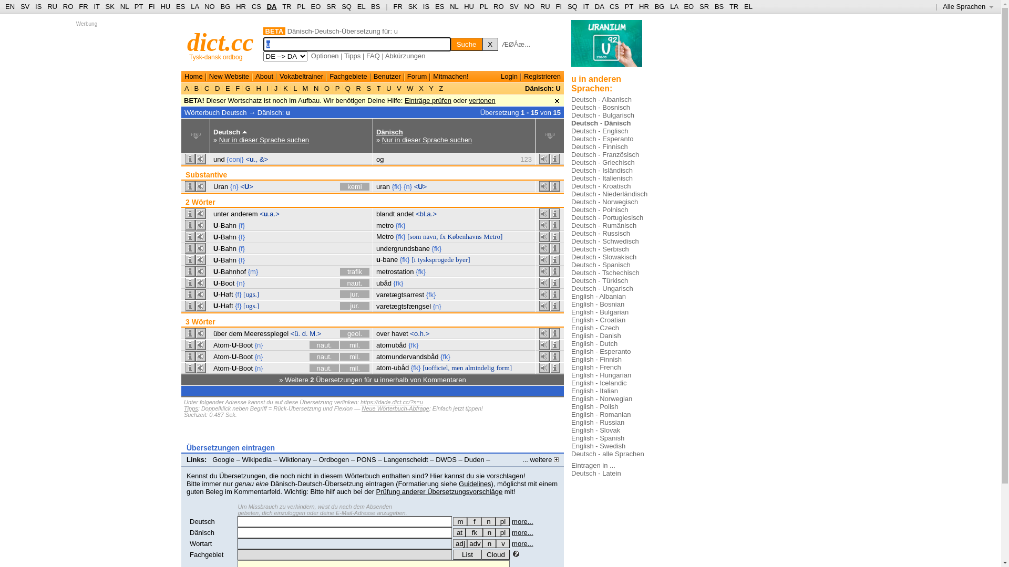  I want to click on 'Alle Sprachen ', so click(943, 6).